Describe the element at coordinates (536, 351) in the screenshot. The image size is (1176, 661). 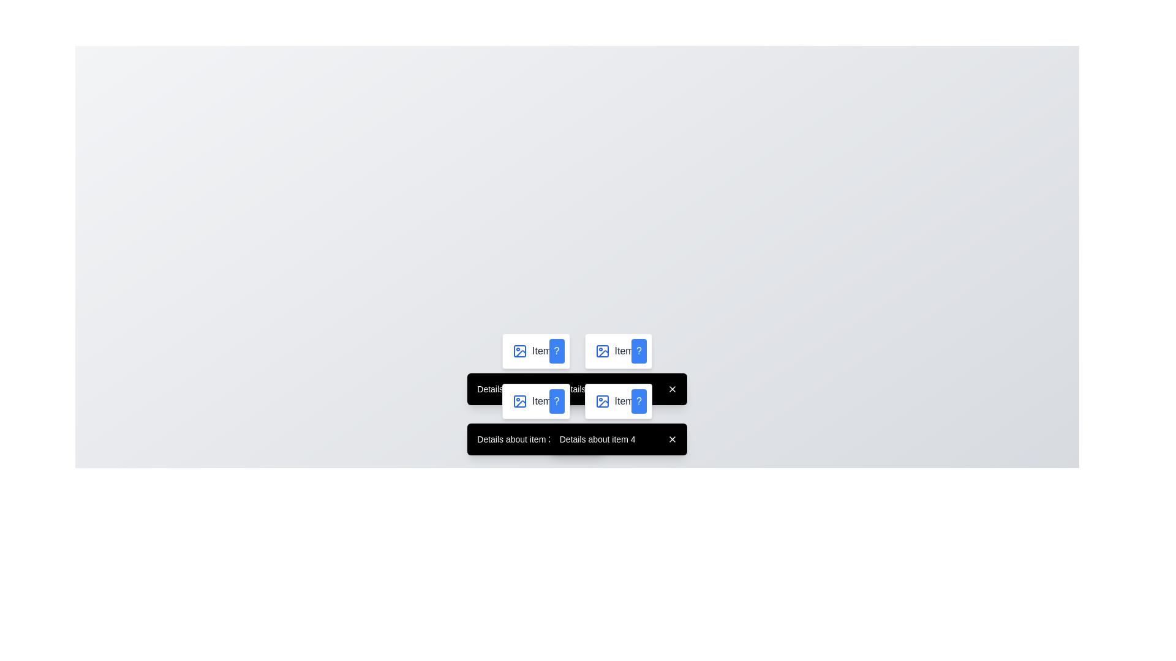
I see `the Text Label with Icon located in the top-left corner of a white card` at that location.